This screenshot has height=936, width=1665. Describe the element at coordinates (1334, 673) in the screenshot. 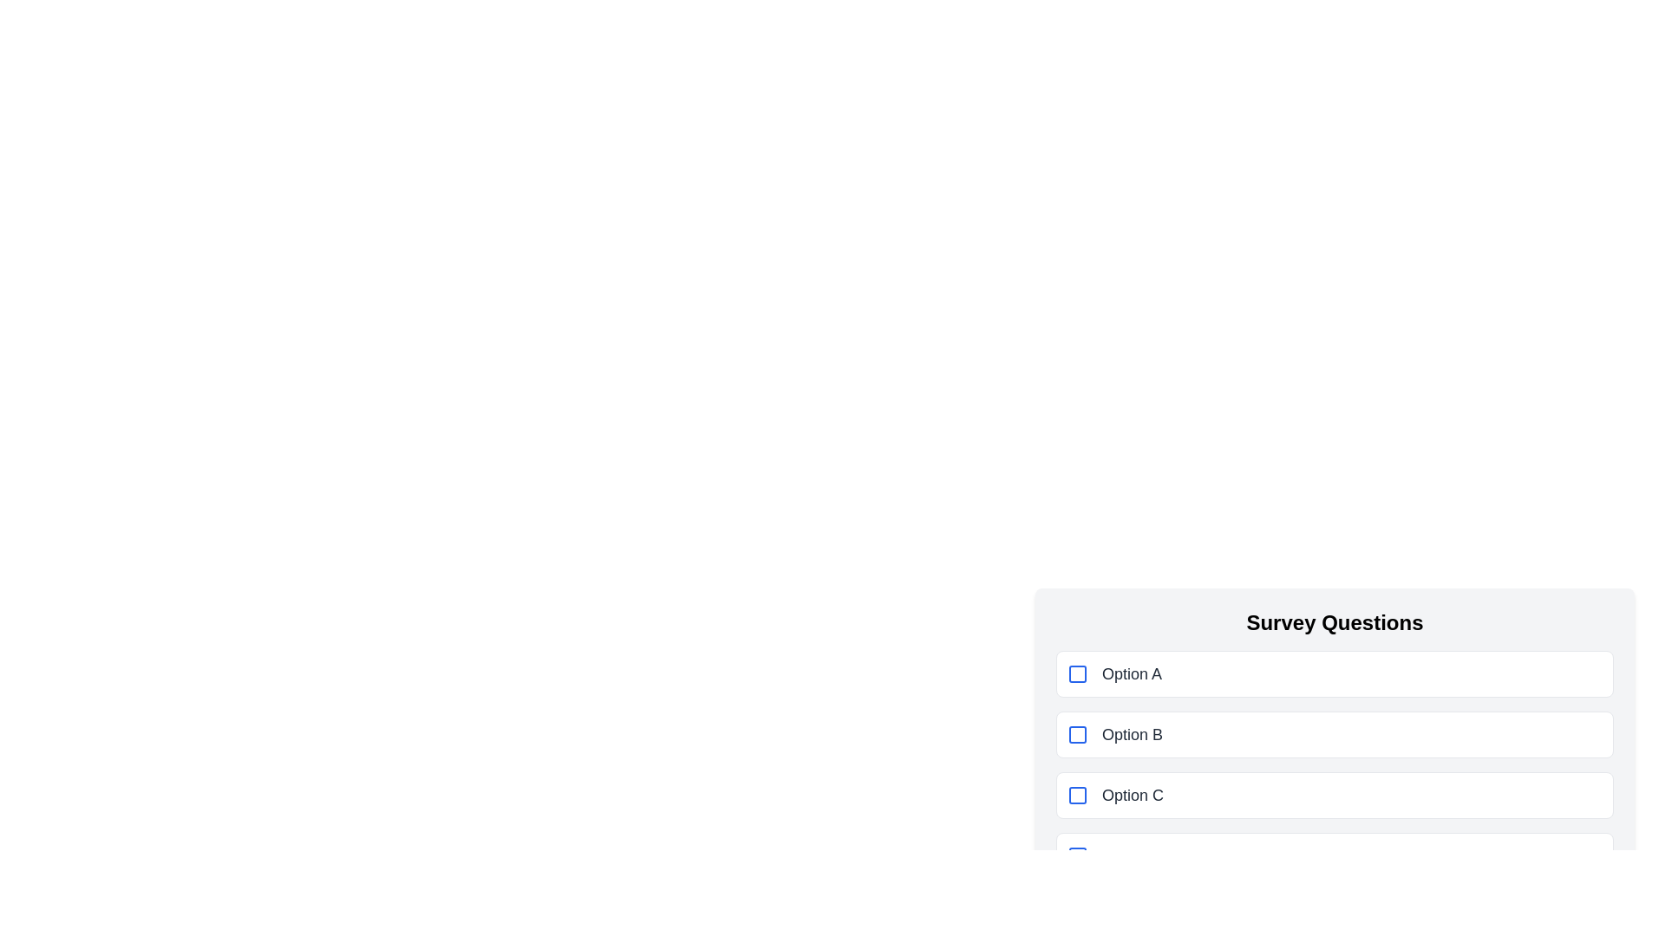

I see `the first selectable option button labeled 'Option A' with a blue checkmark, located under the 'Survey Questions' section` at that location.